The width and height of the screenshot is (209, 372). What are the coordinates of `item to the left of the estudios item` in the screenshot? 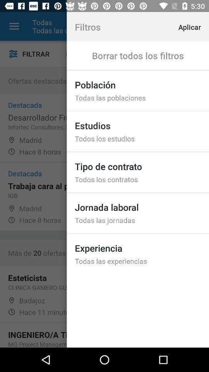 It's located at (85, 53).